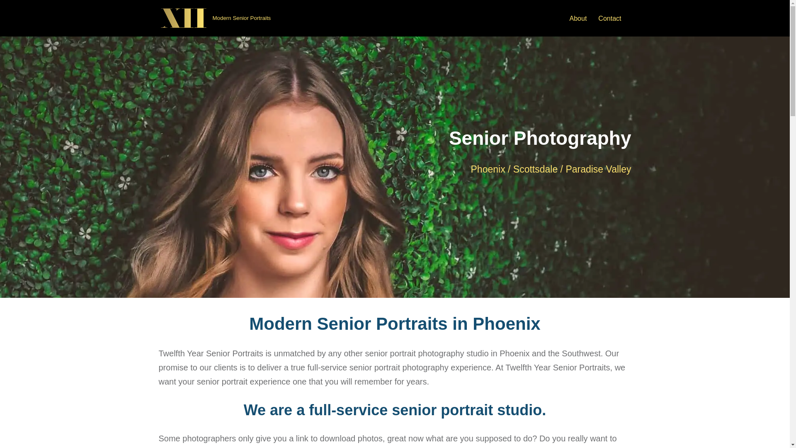 The width and height of the screenshot is (796, 448). I want to click on 'Modern Senior Portraits', so click(214, 18).